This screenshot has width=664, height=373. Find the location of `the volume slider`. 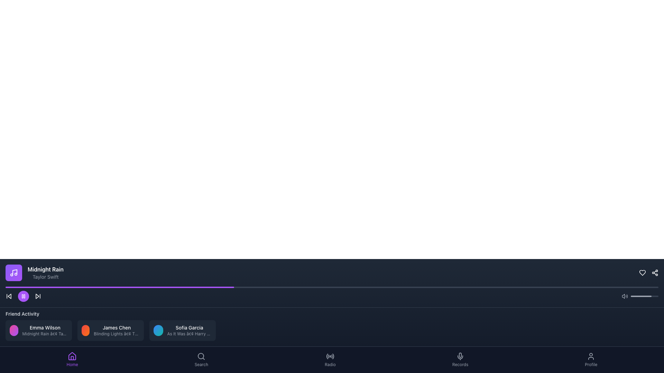

the volume slider is located at coordinates (643, 296).